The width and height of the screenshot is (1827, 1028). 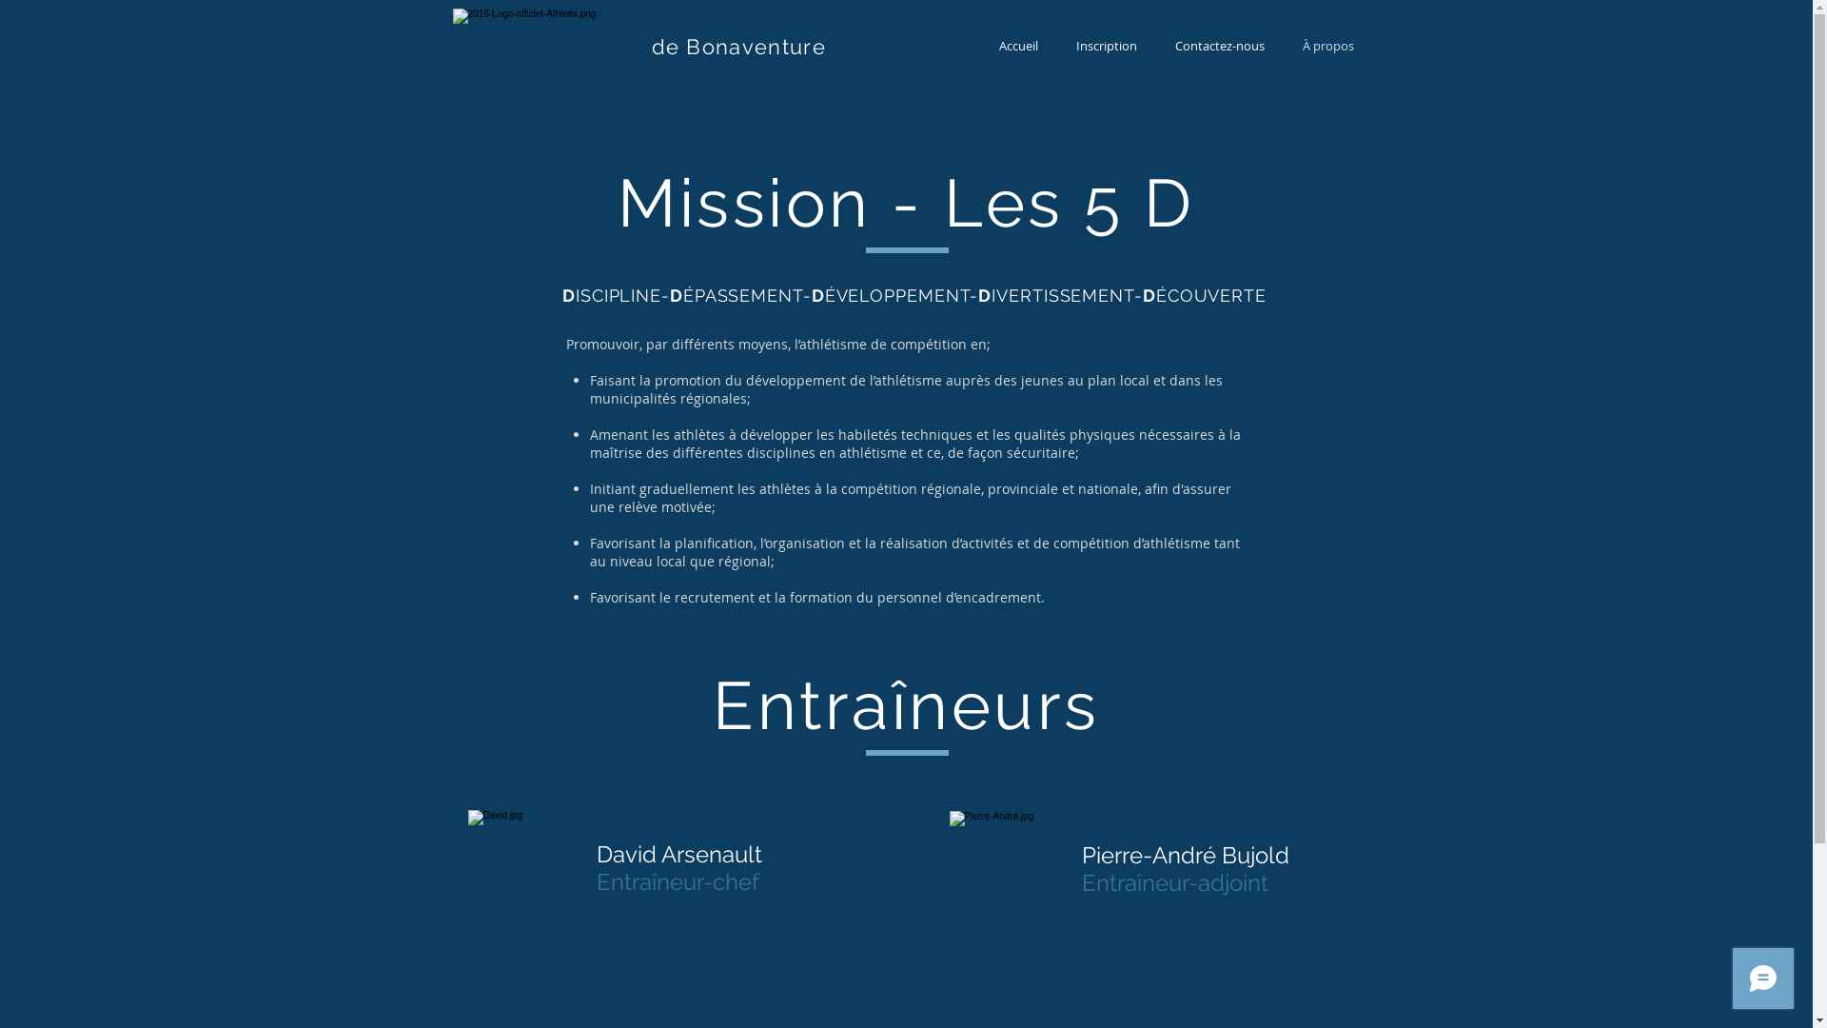 What do you see at coordinates (737, 46) in the screenshot?
I see `'de Bonaventure'` at bounding box center [737, 46].